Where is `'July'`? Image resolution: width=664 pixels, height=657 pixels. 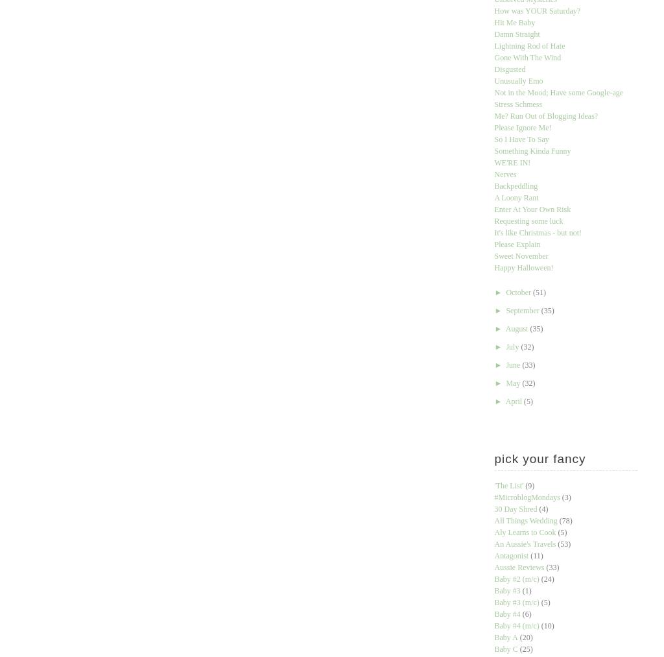 'July' is located at coordinates (513, 346).